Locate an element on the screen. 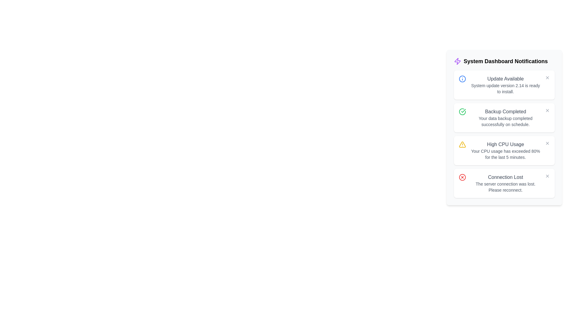  the small gray 'X' button located at the right end of the 'Update Available' notification card is located at coordinates (547, 77).